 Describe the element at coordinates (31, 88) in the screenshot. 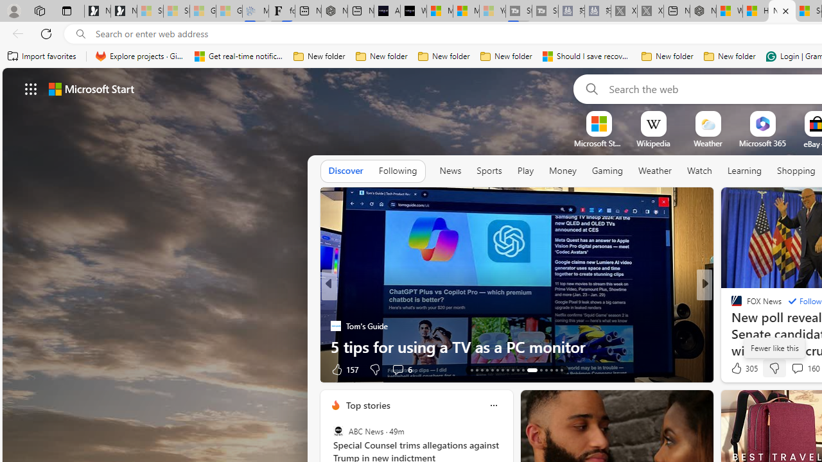

I see `'AutomationID: waffle'` at that location.